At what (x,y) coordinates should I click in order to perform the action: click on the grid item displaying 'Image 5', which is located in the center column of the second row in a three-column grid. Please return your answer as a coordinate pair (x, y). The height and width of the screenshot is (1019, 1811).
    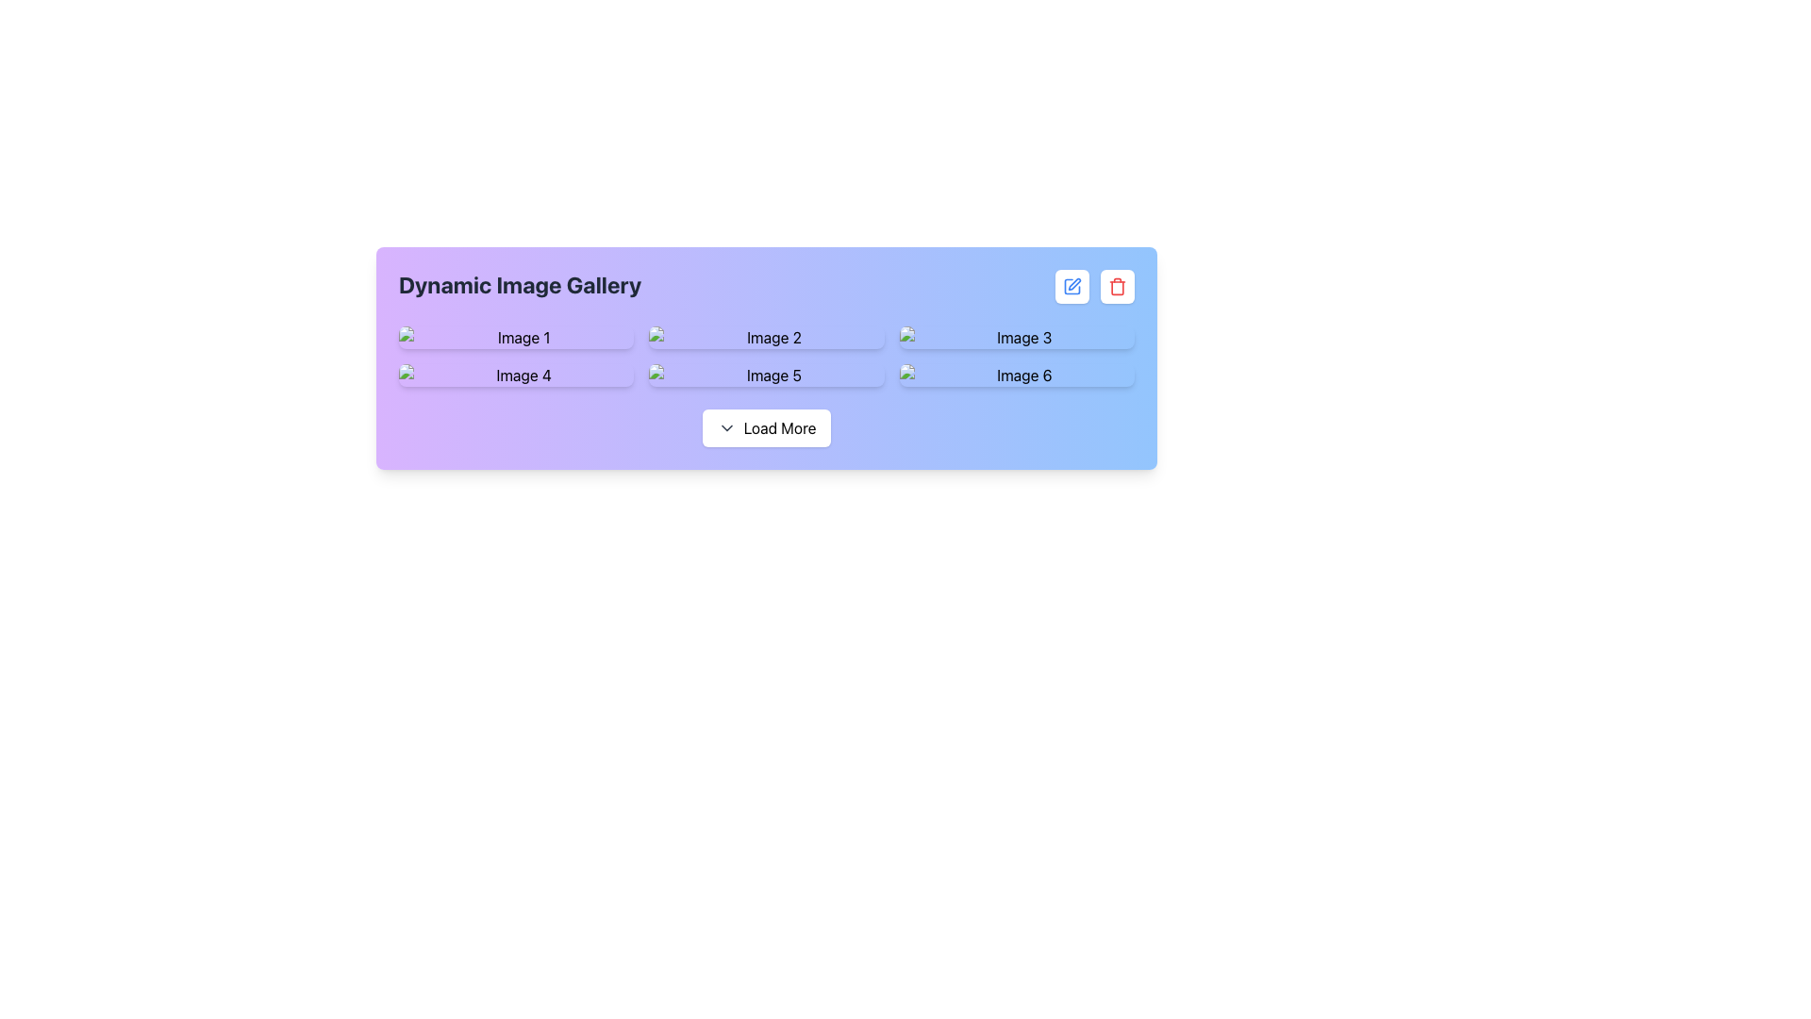
    Looking at the image, I should click on (766, 375).